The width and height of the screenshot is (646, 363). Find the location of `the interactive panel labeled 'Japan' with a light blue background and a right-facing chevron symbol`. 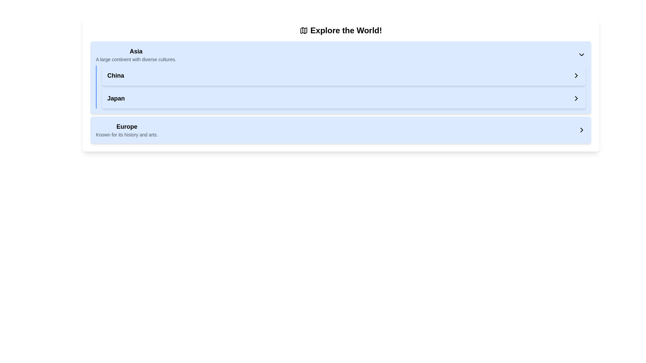

the interactive panel labeled 'Japan' with a light blue background and a right-facing chevron symbol is located at coordinates (344, 98).